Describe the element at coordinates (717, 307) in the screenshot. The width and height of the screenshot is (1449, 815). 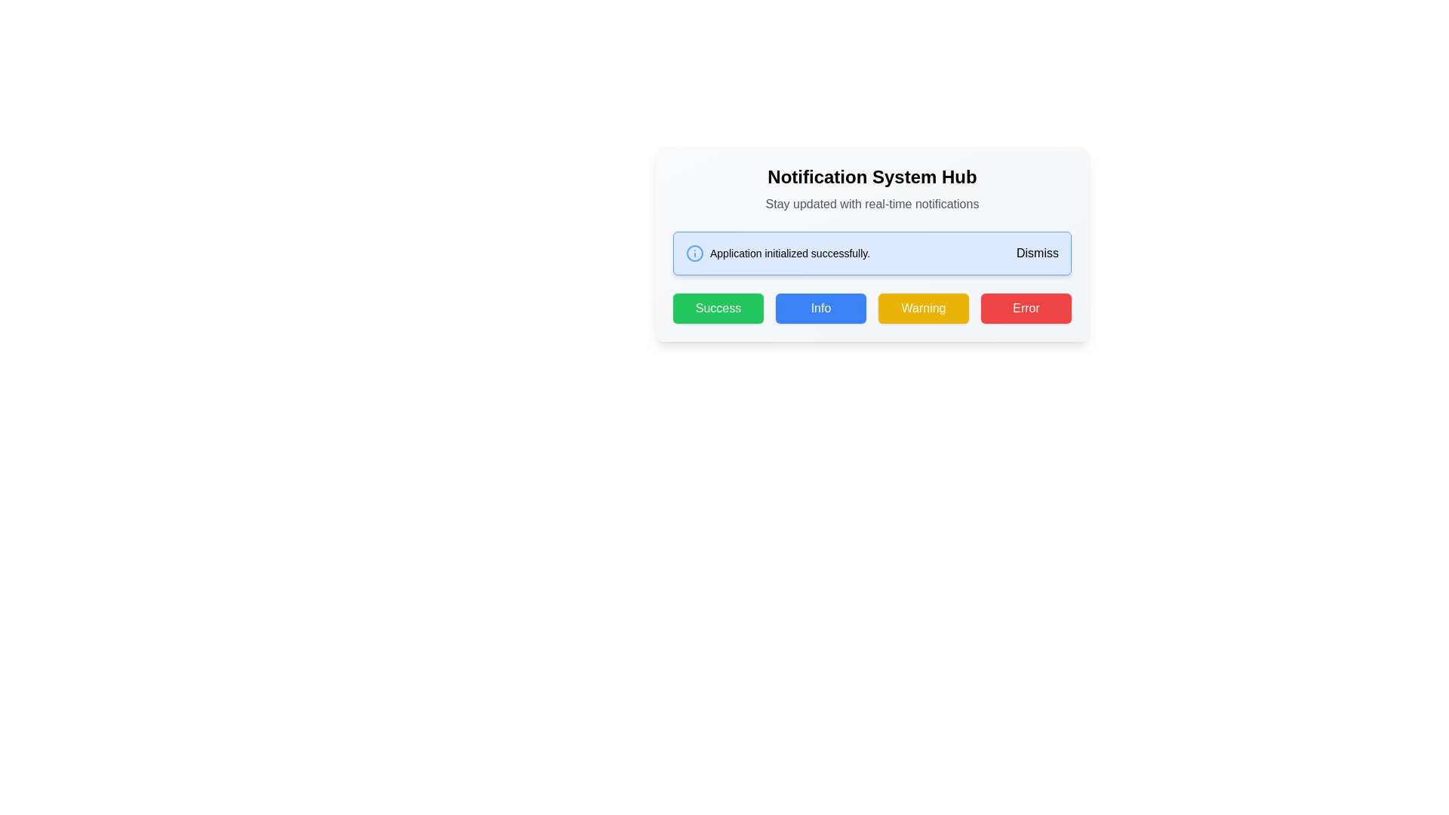
I see `the leftmost button in the horizontal row below the notification message area in the 'Notification System Hub' to confirm or acknowledge a successful action` at that location.